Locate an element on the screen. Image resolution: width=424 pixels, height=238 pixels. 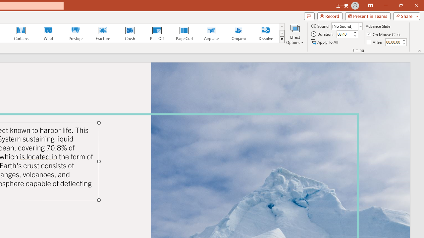
'Crush' is located at coordinates (130, 33).